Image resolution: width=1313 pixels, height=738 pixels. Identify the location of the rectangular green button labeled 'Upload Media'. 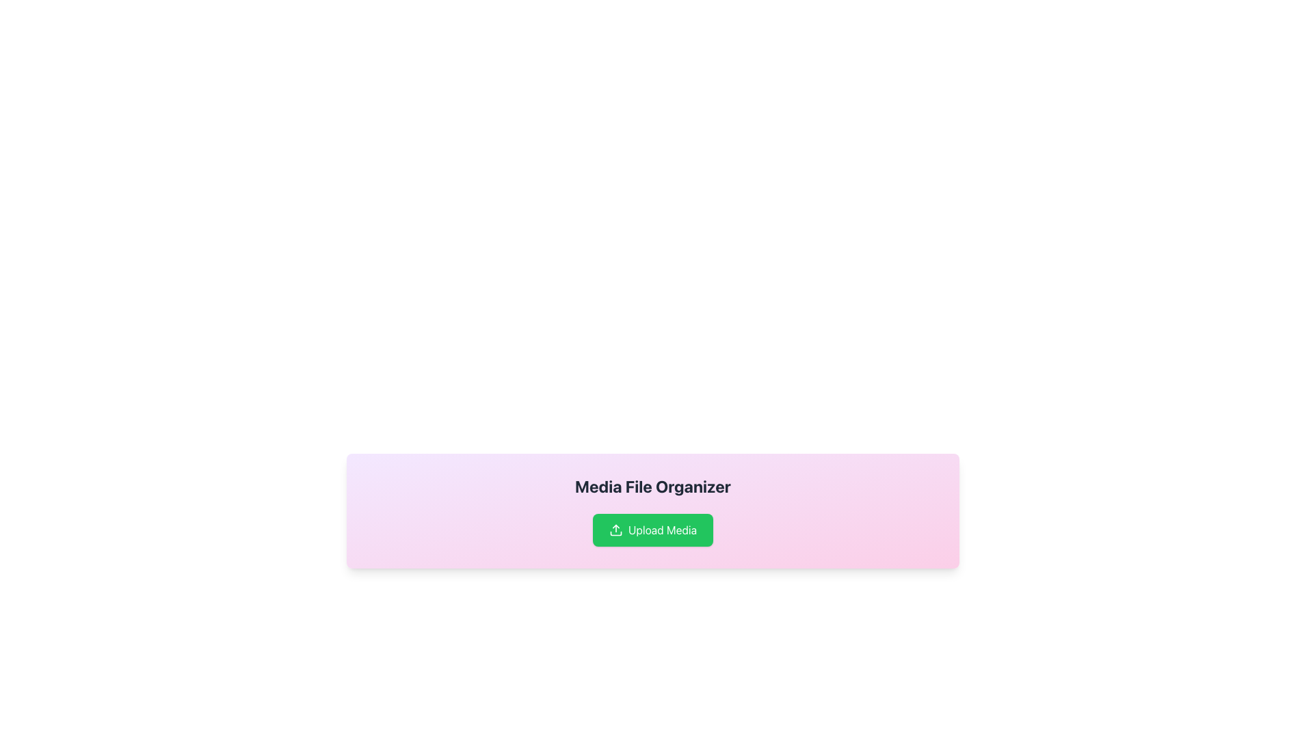
(652, 529).